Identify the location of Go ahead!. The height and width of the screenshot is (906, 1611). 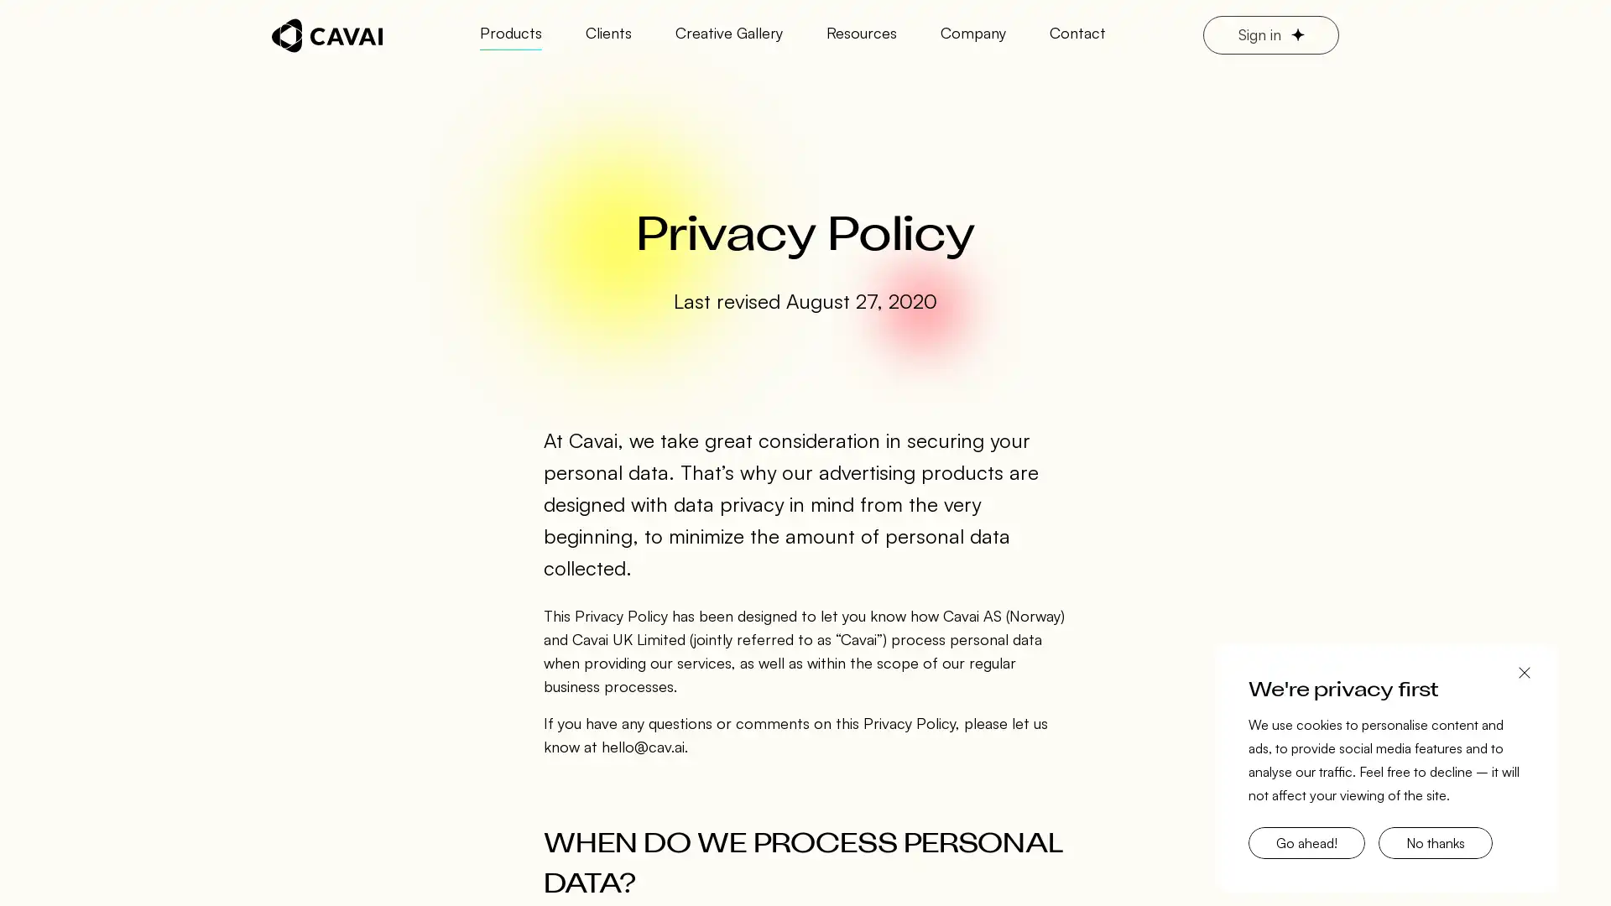
(1306, 843).